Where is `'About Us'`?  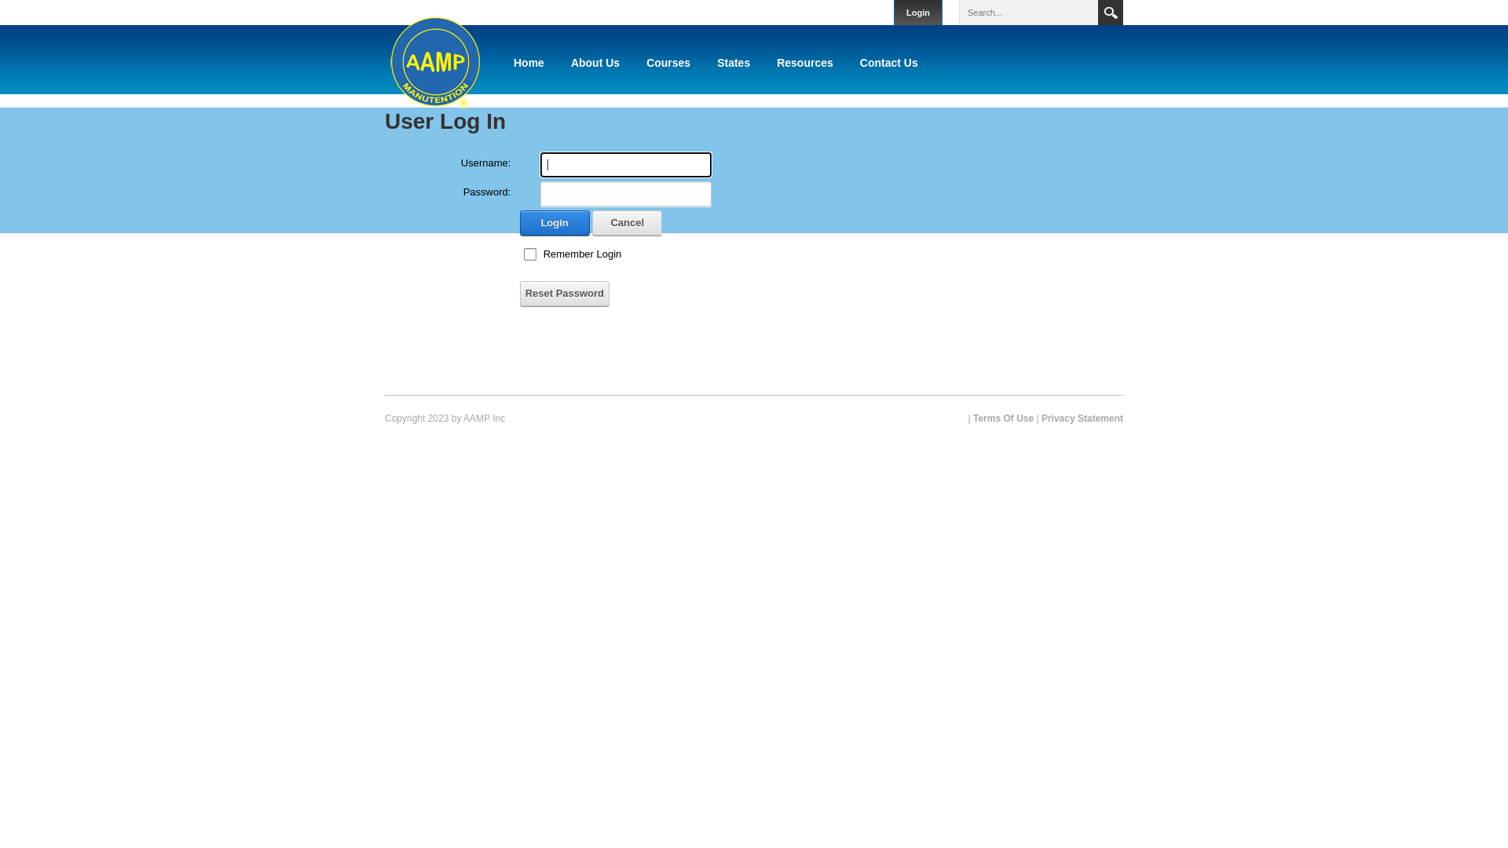
'About Us' is located at coordinates (595, 62).